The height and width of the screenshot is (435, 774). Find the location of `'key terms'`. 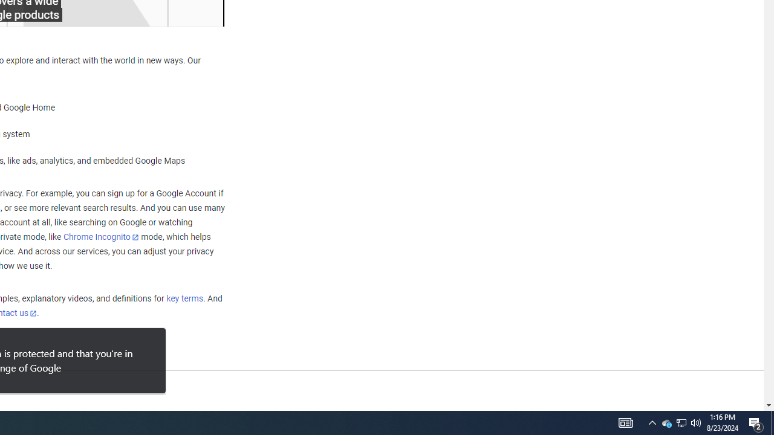

'key terms' is located at coordinates (184, 299).